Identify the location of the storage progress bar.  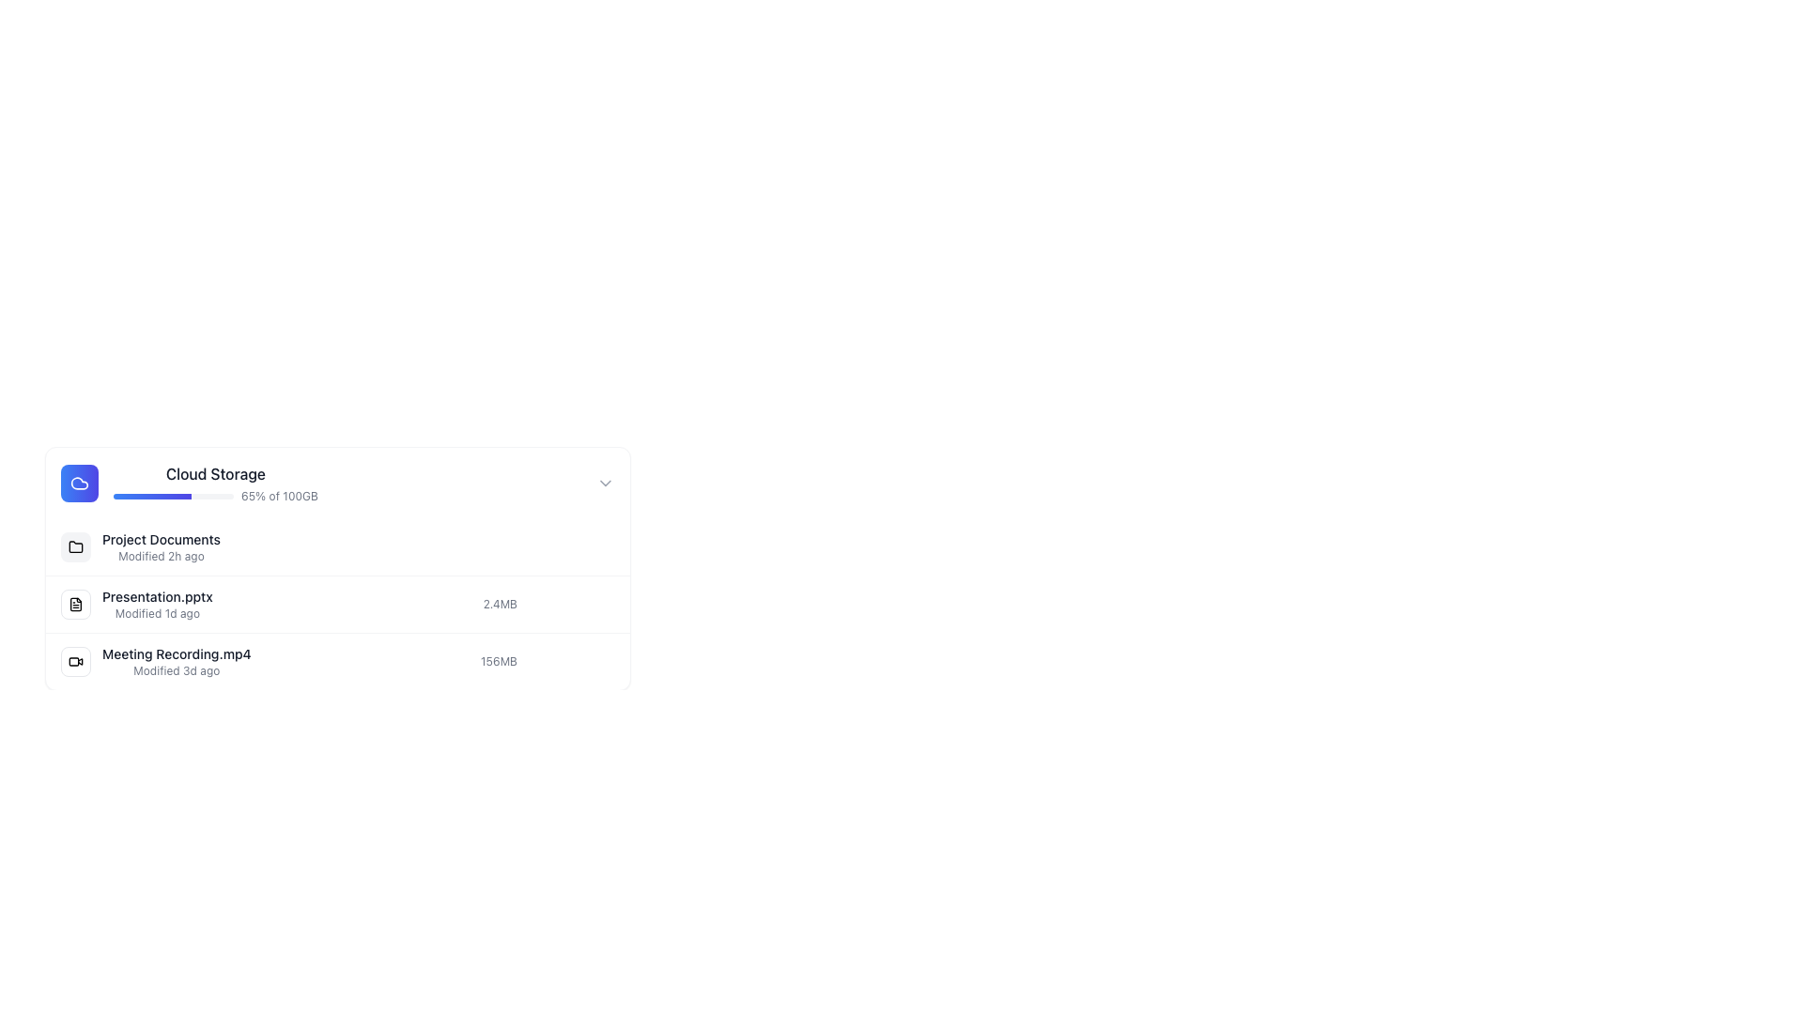
(137, 495).